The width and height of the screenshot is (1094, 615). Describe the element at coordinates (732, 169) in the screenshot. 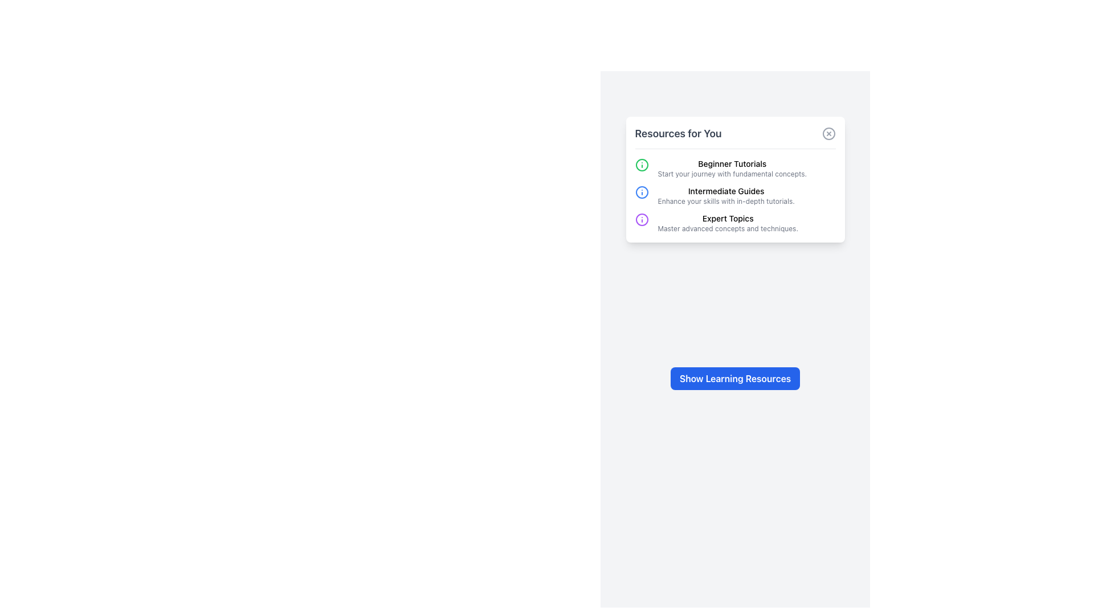

I see `the Informational Text Section that serves as a header for basic tutorial resources, located above the 'Intermediate Guides' section and below a green info icon` at that location.